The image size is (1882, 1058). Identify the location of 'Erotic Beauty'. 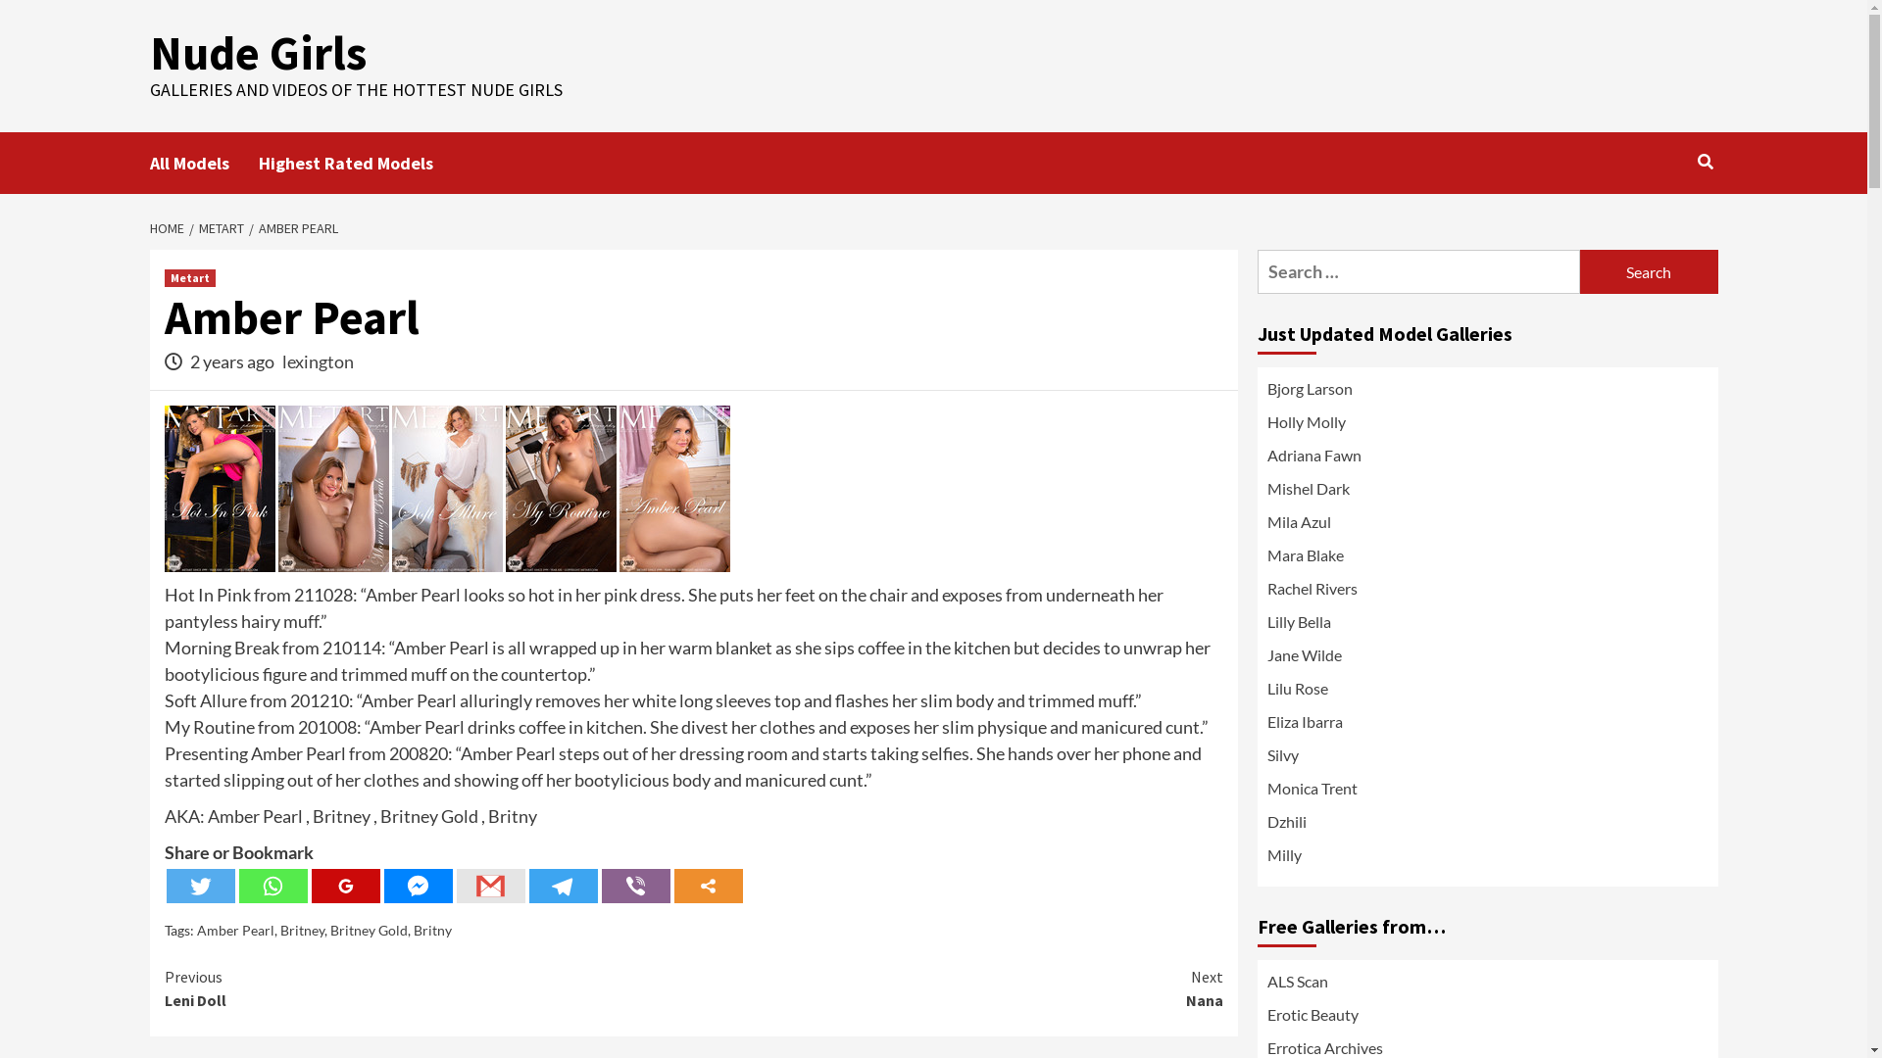
(1312, 1014).